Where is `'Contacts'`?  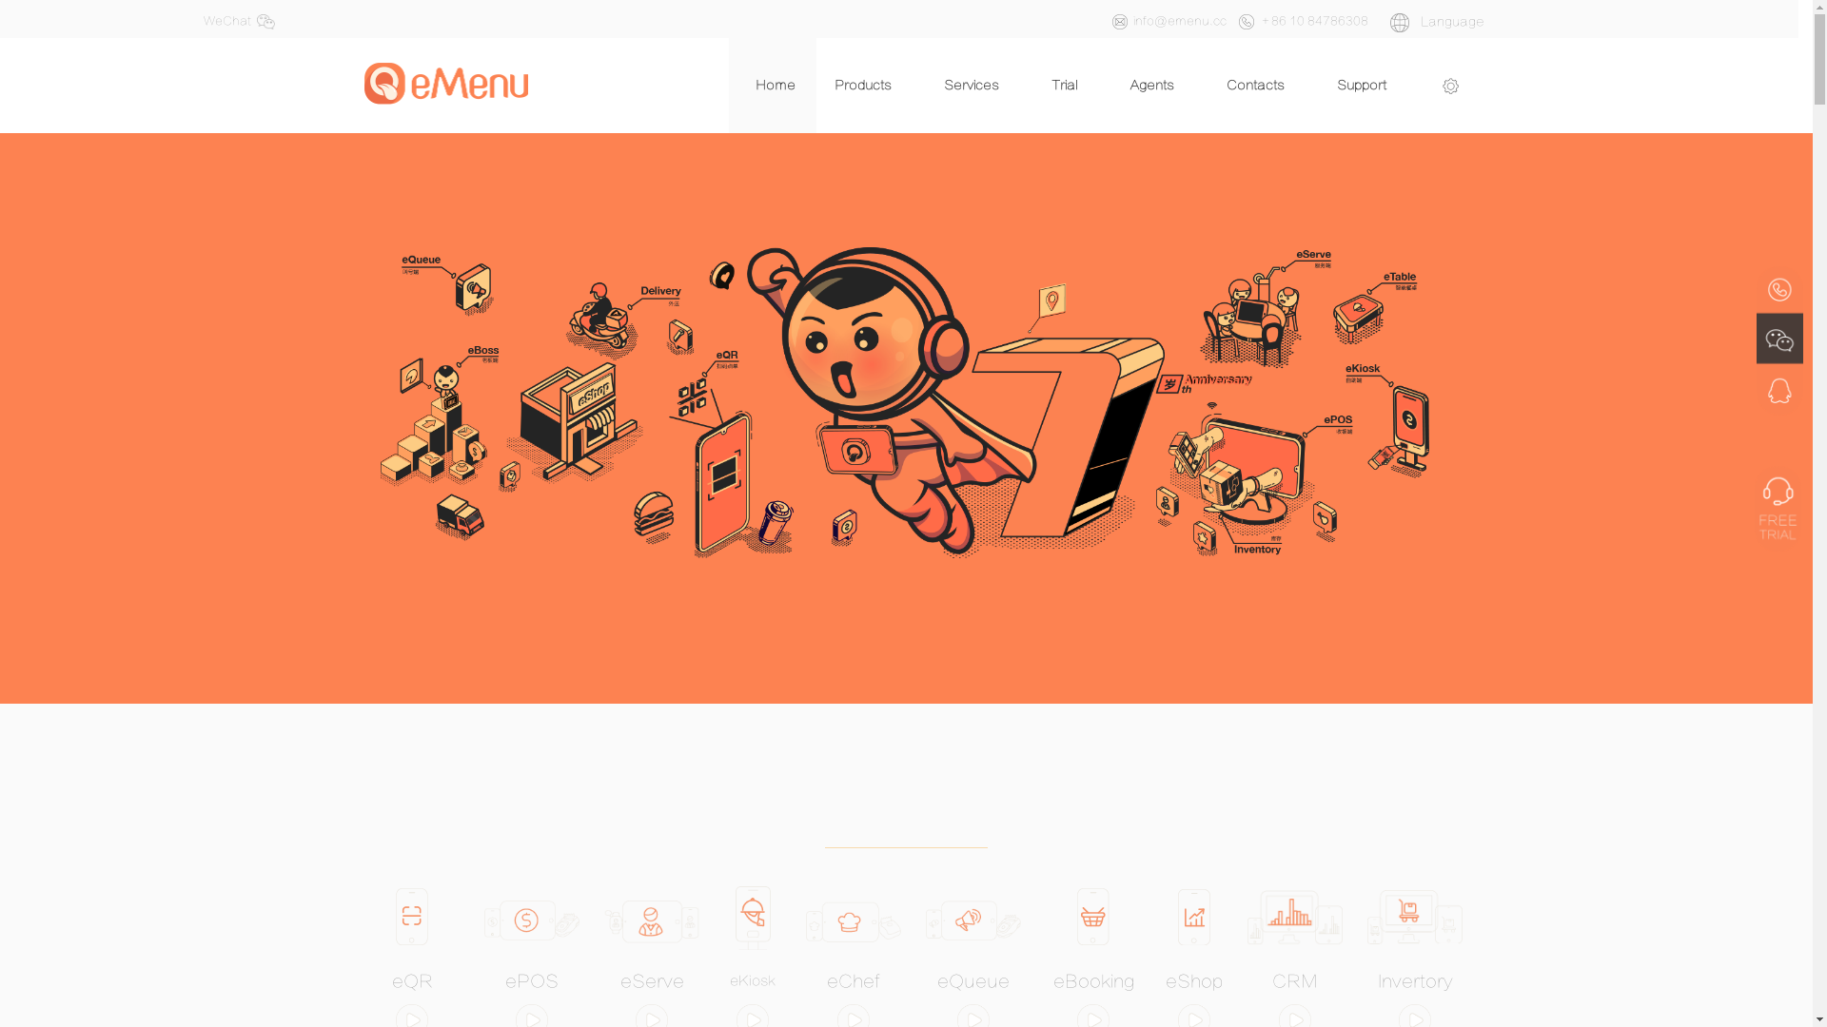
'Contacts' is located at coordinates (1254, 84).